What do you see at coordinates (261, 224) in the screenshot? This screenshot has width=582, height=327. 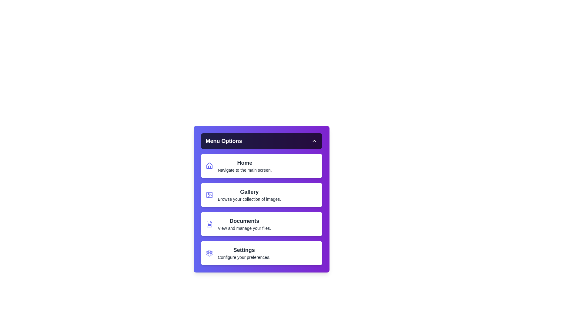 I see `the menu item Documents to observe visual changes` at bounding box center [261, 224].